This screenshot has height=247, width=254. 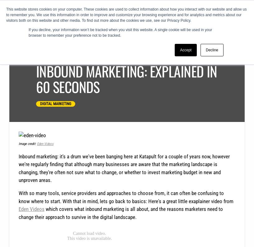 What do you see at coordinates (120, 32) in the screenshot?
I see `'If you decline, your information won’t be tracked when you visit this website. A single cookie will be used in your browser to remember your preference not to be tracked.'` at bounding box center [120, 32].